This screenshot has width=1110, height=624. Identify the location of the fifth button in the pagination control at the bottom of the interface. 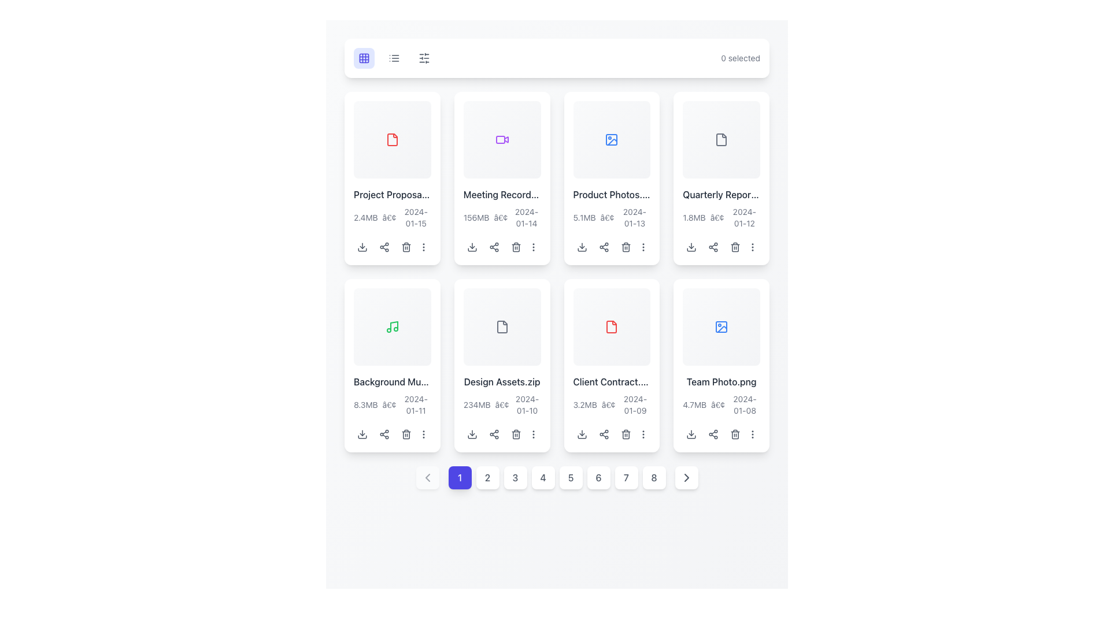
(557, 477).